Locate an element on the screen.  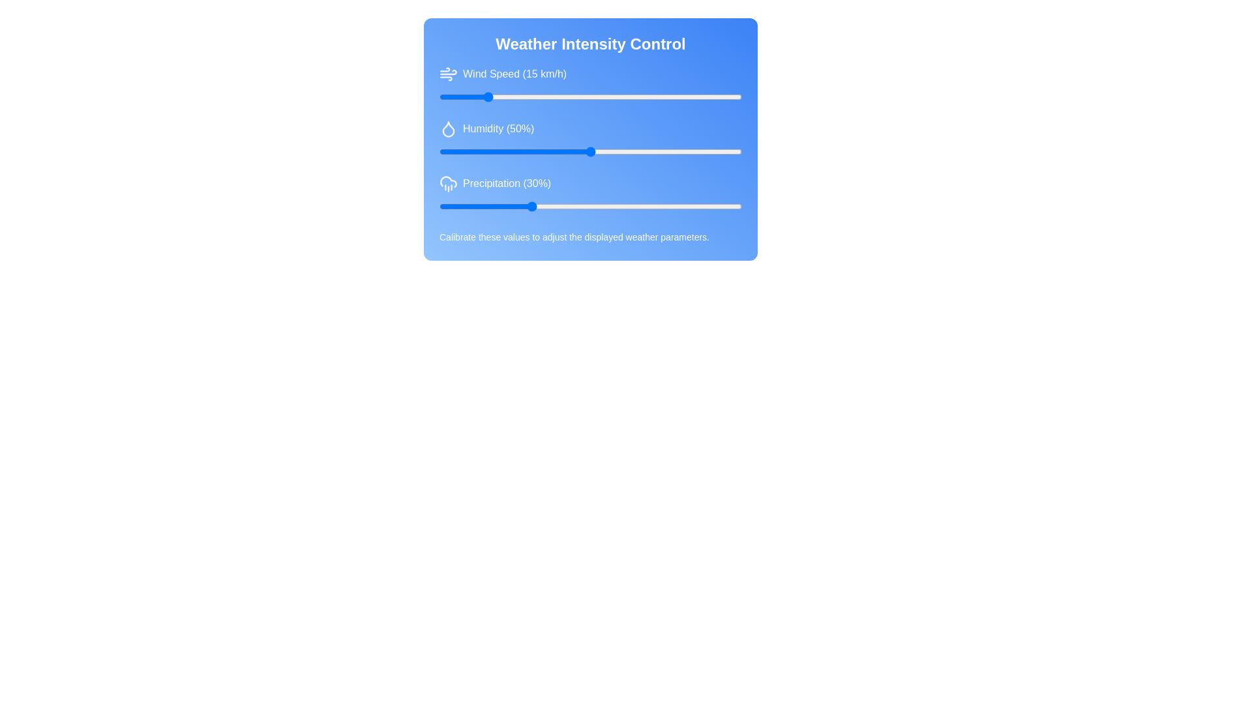
the wind speed is located at coordinates (554, 96).